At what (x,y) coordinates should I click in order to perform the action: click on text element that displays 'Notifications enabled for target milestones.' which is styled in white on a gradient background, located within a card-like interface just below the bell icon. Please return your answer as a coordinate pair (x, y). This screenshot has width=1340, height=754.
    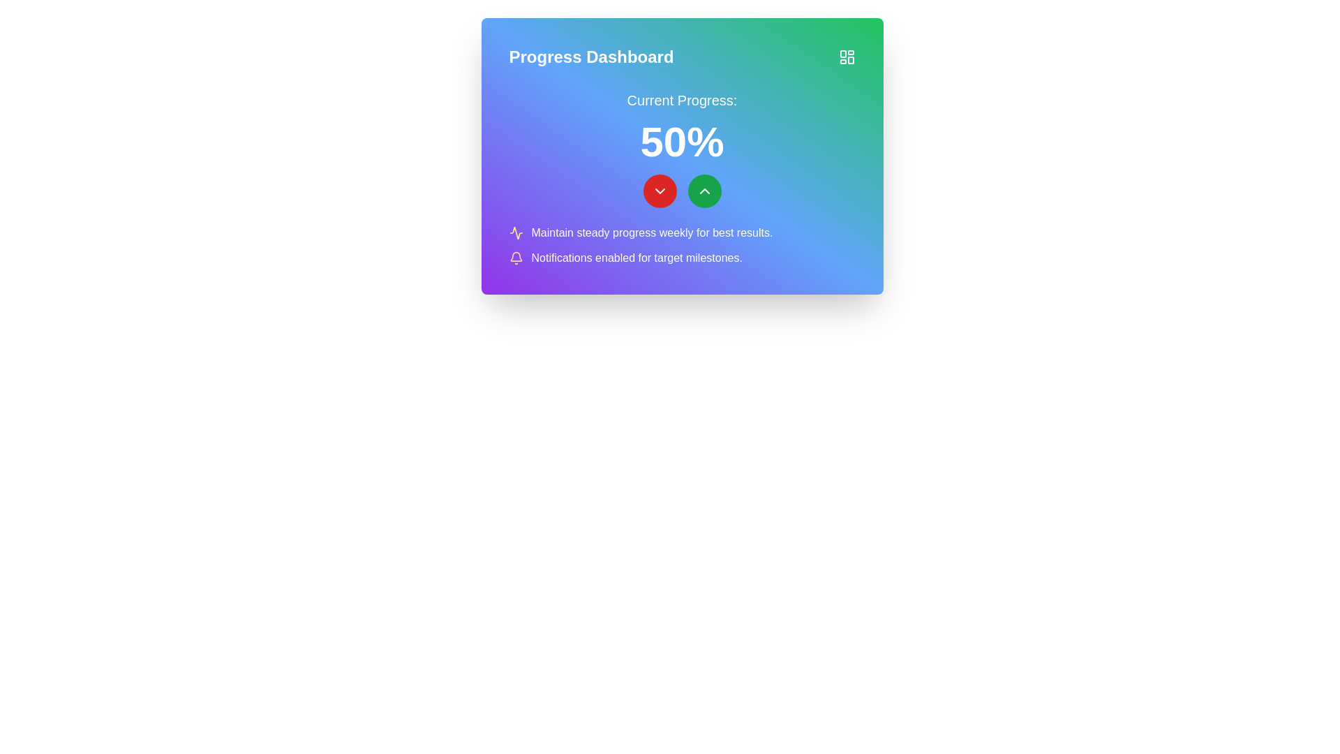
    Looking at the image, I should click on (636, 258).